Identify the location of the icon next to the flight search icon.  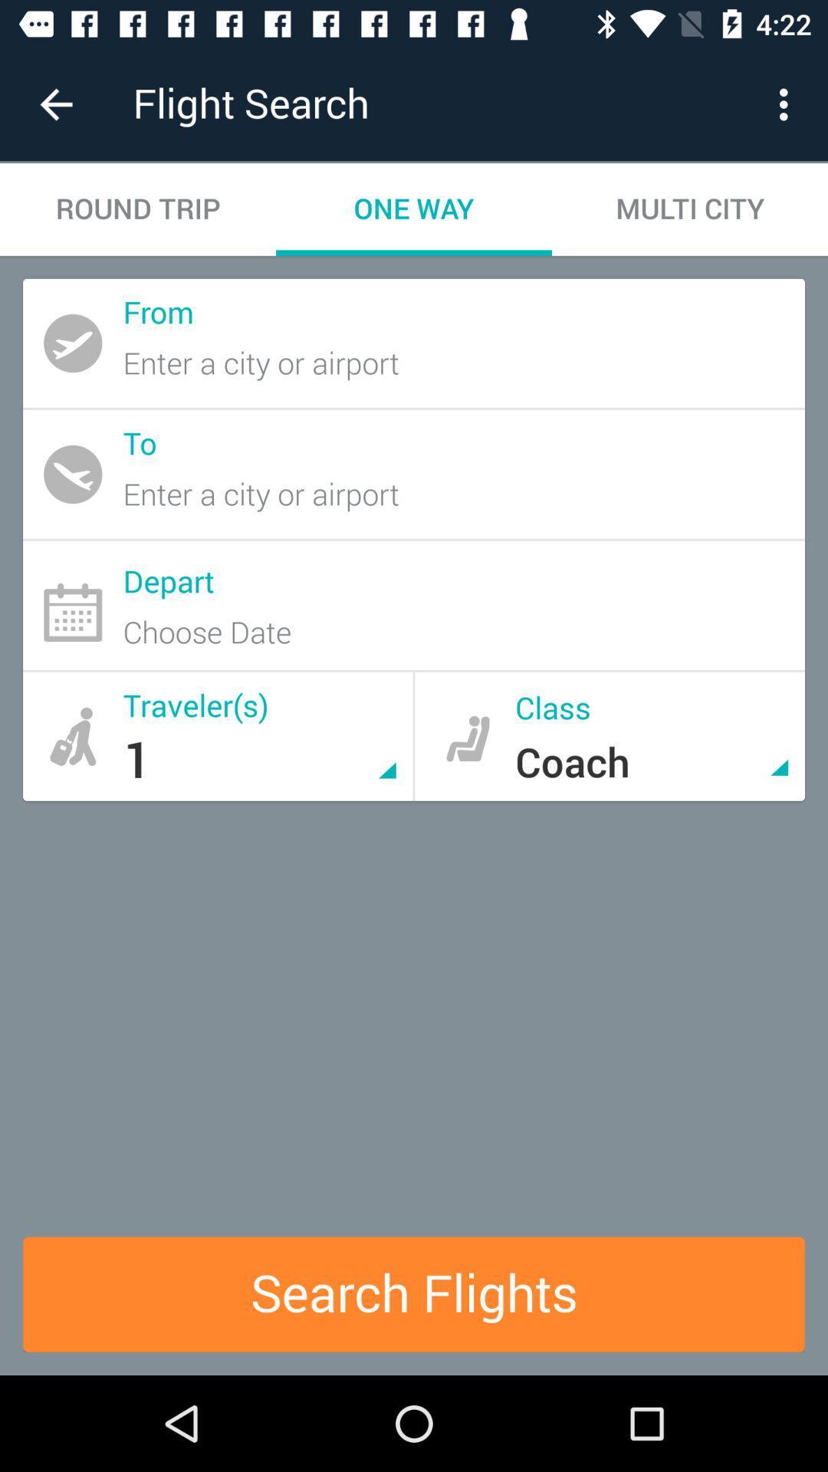
(55, 103).